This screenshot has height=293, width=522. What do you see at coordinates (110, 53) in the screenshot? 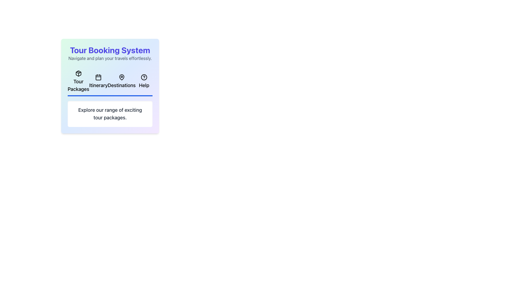
I see `static text component at the top center of the card that displays 'Tour Booking System' and 'Navigate and plan your travels effortlessly.'` at bounding box center [110, 53].